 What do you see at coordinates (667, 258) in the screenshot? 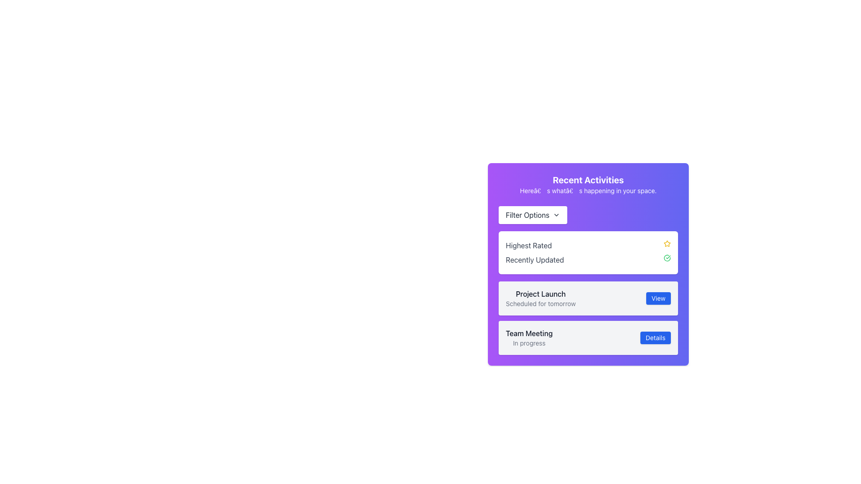
I see `the circular green-stroke vector graphic icon located at the top-right corner of the 'Highest Rated' card in the 'Recent Activities' section` at bounding box center [667, 258].